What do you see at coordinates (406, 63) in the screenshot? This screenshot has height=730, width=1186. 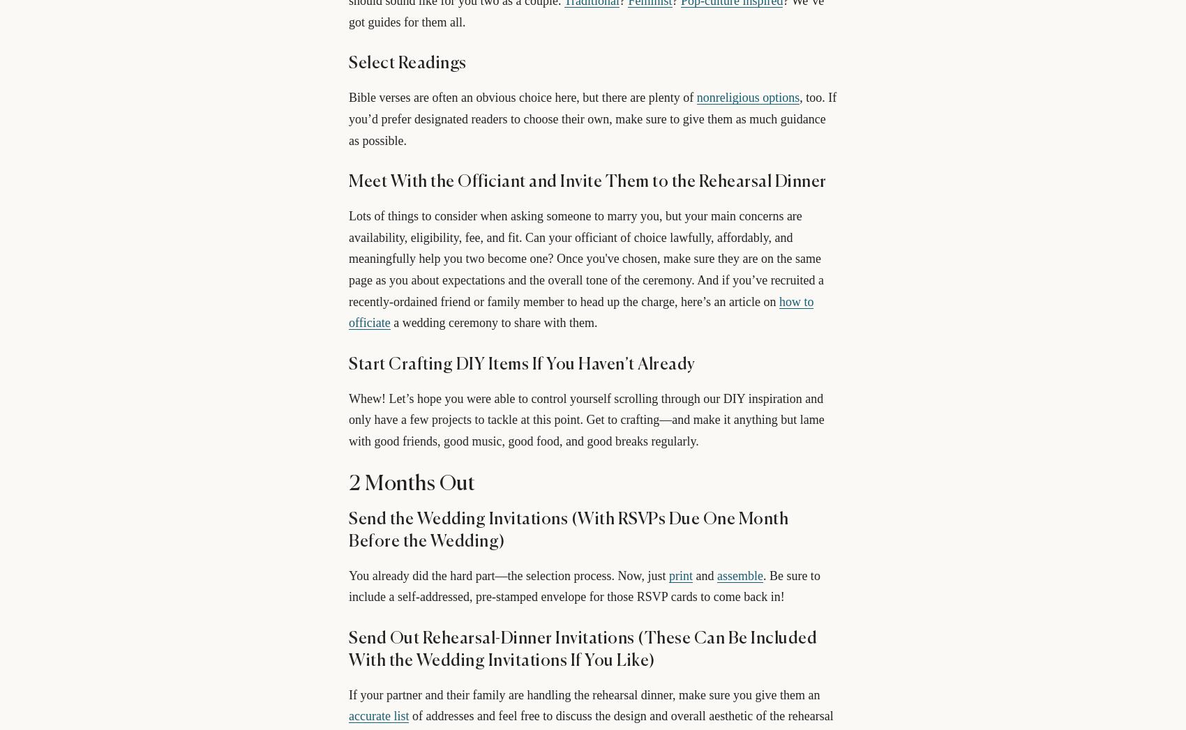 I see `'Select Readings'` at bounding box center [406, 63].